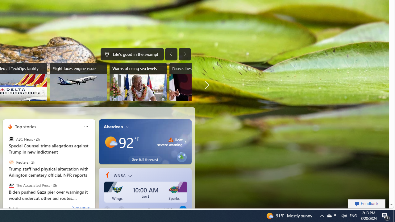  Describe the element at coordinates (198, 82) in the screenshot. I see `'Pauses ties with US embassy'` at that location.